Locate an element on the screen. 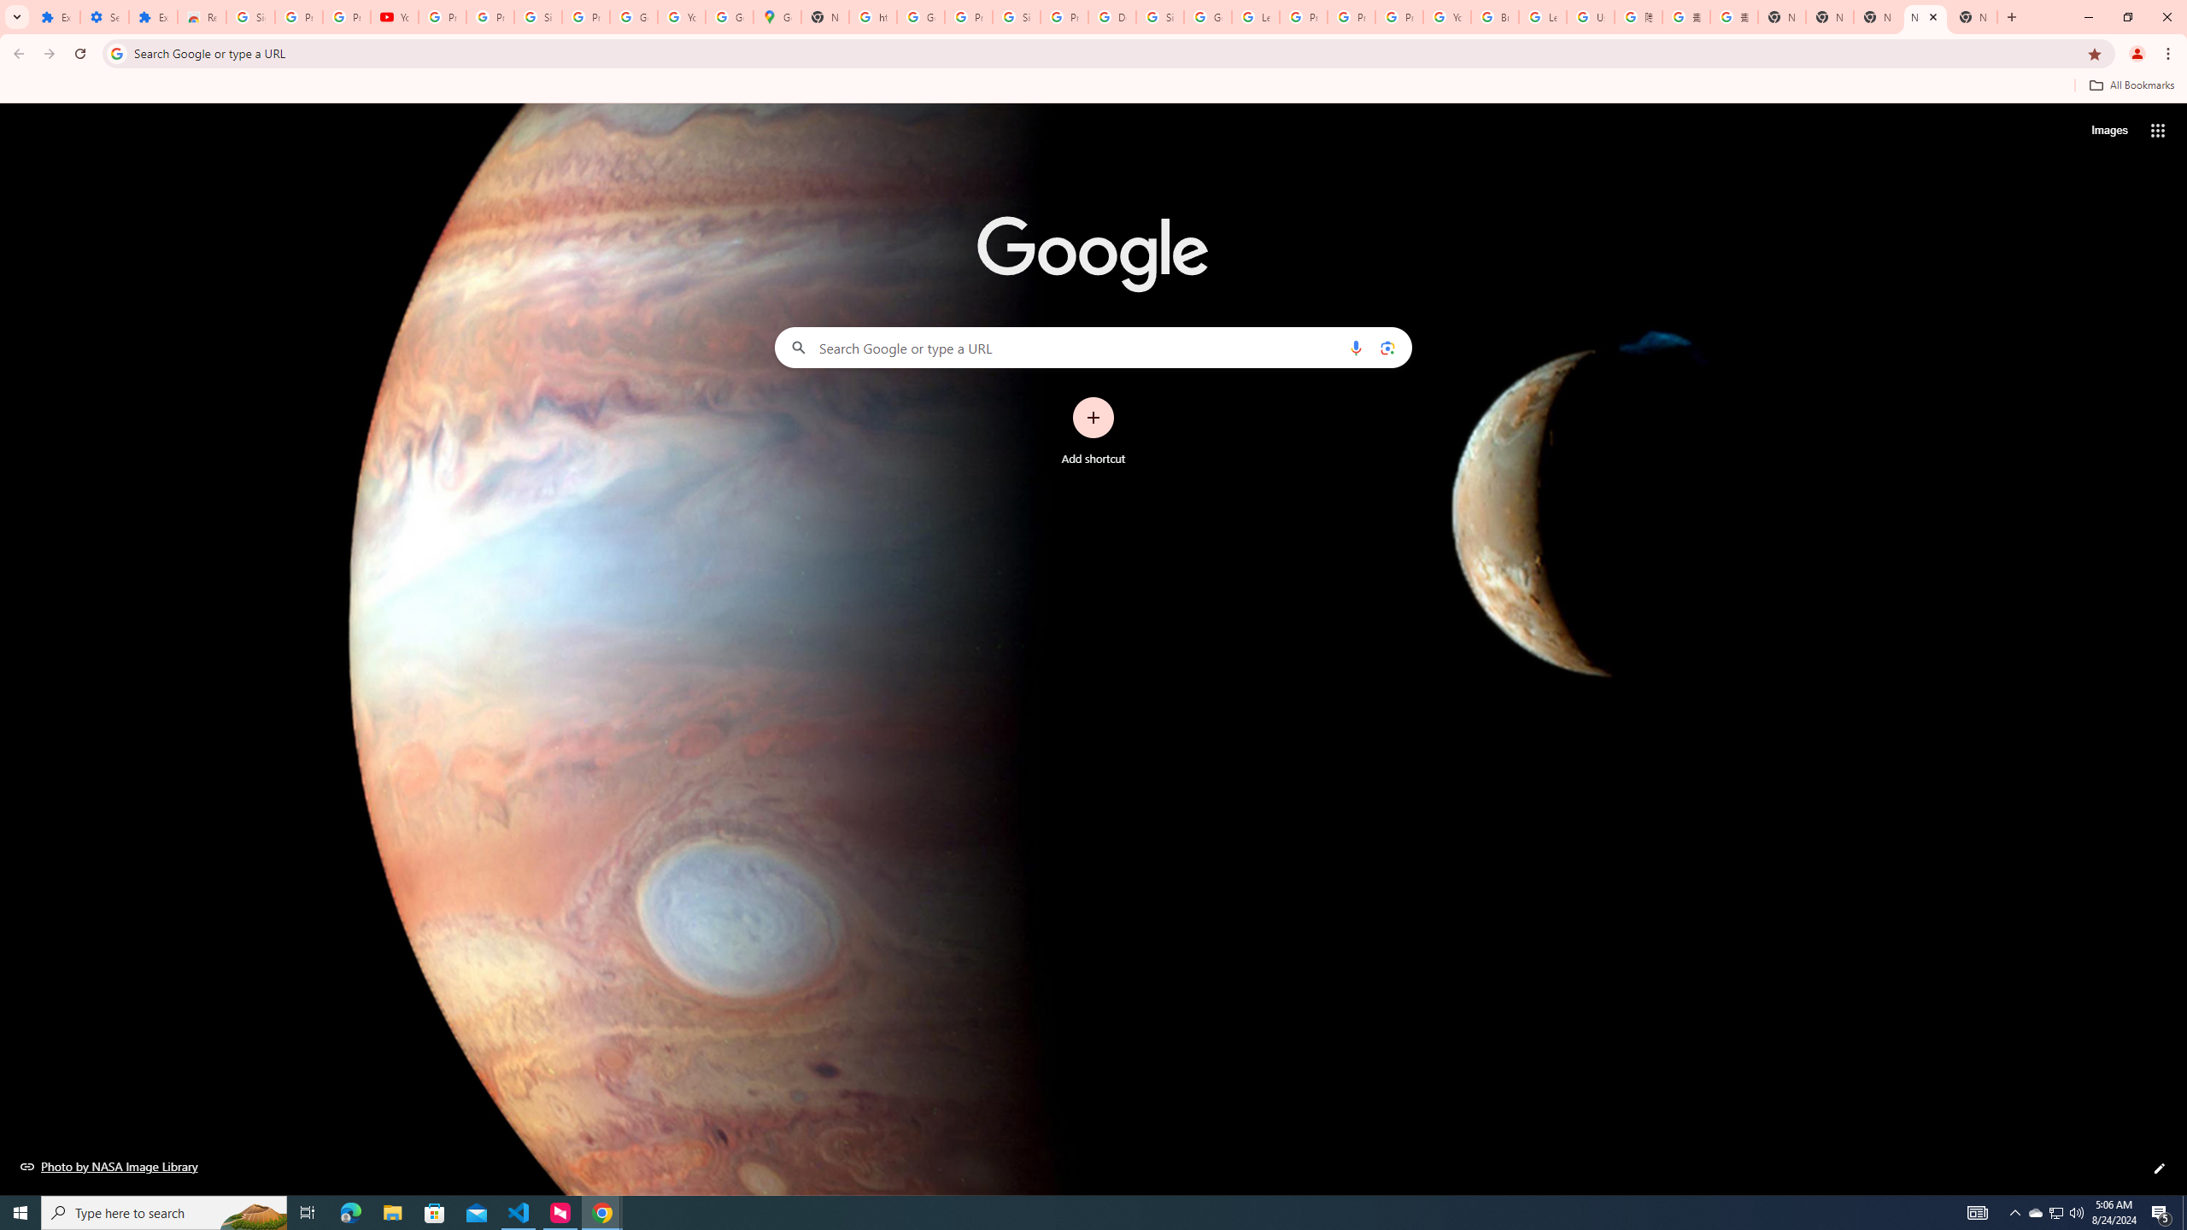 This screenshot has width=2187, height=1230. 'Photo by NASA Image Library' is located at coordinates (108, 1165).